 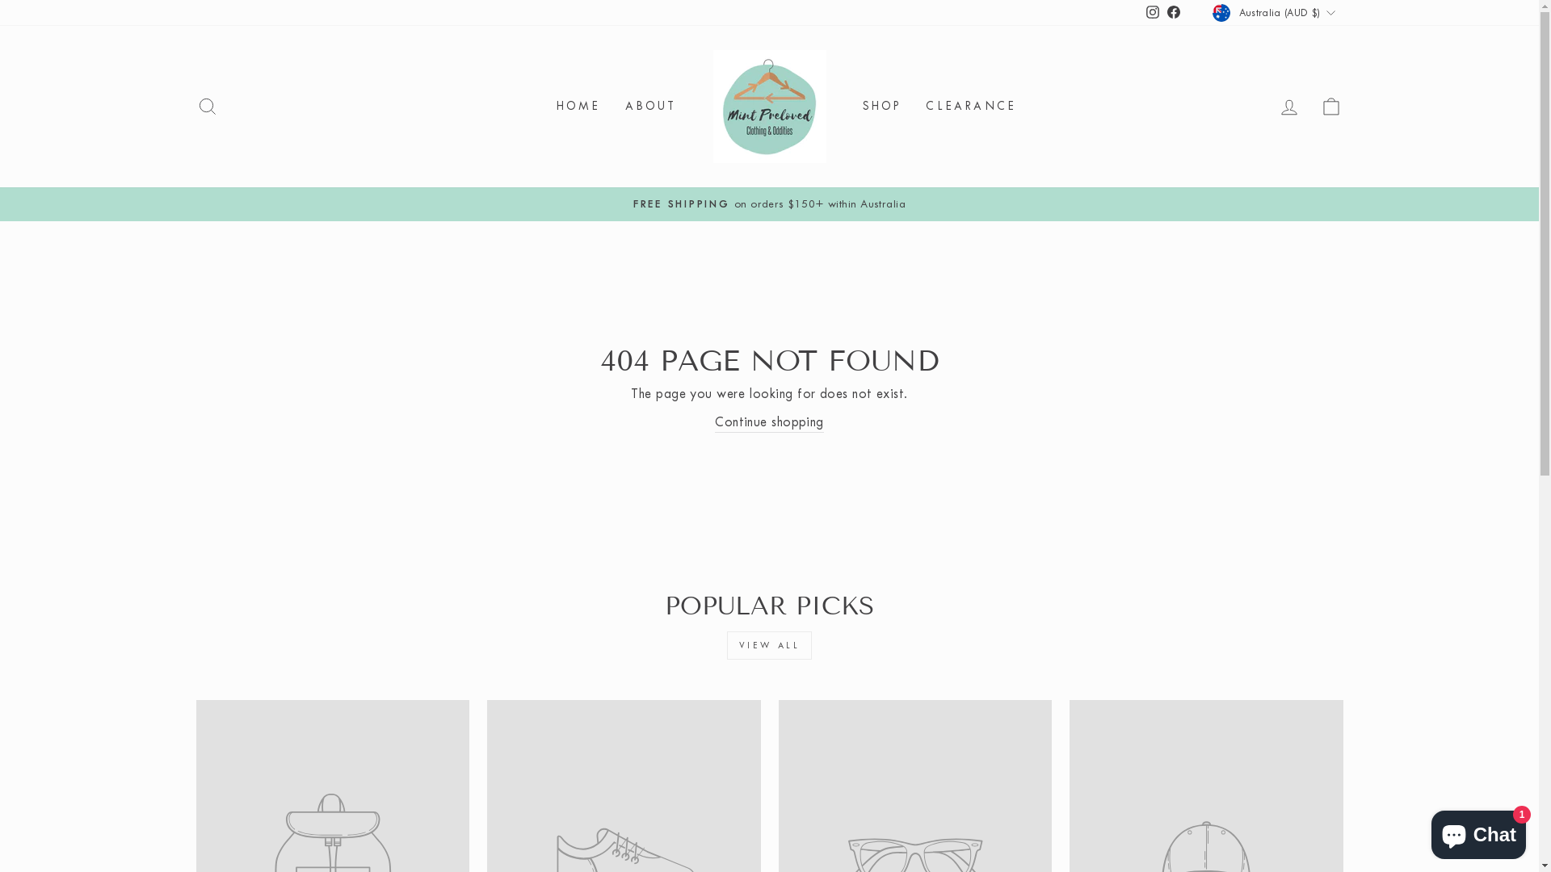 I want to click on 'Australia (AUD $)', so click(x=1275, y=12).